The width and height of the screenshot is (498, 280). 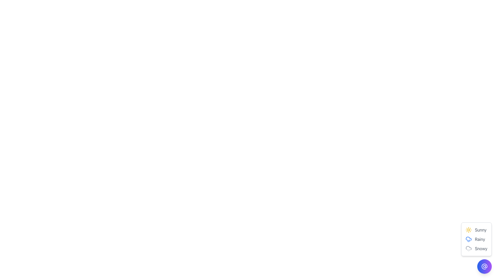 I want to click on the sun icon, which is a bright yellow symbol with radiating lines, located at the bottom right corner of the weather indicators list, next to the label 'Sunny', so click(x=468, y=230).